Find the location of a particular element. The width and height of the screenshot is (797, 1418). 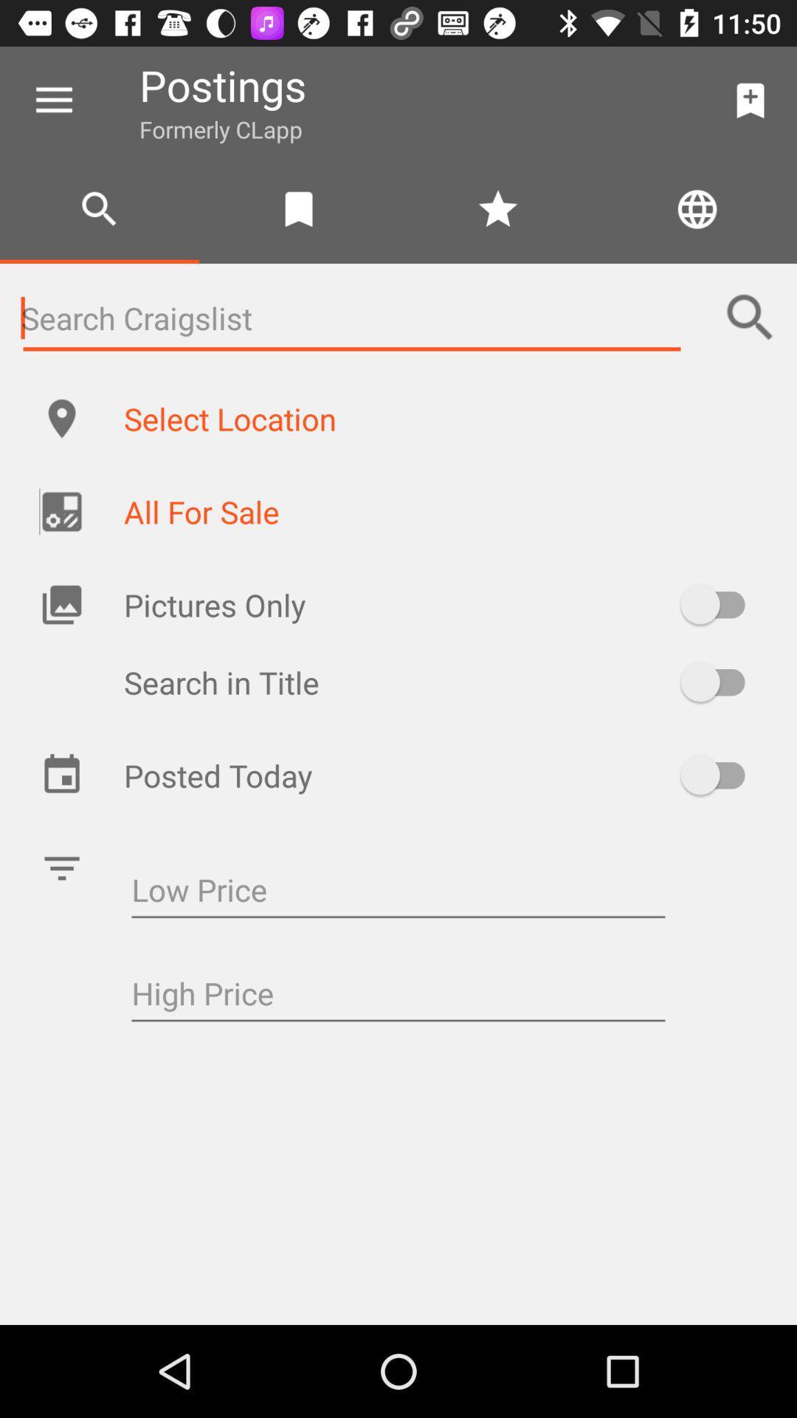

posted today option is located at coordinates (719, 774).